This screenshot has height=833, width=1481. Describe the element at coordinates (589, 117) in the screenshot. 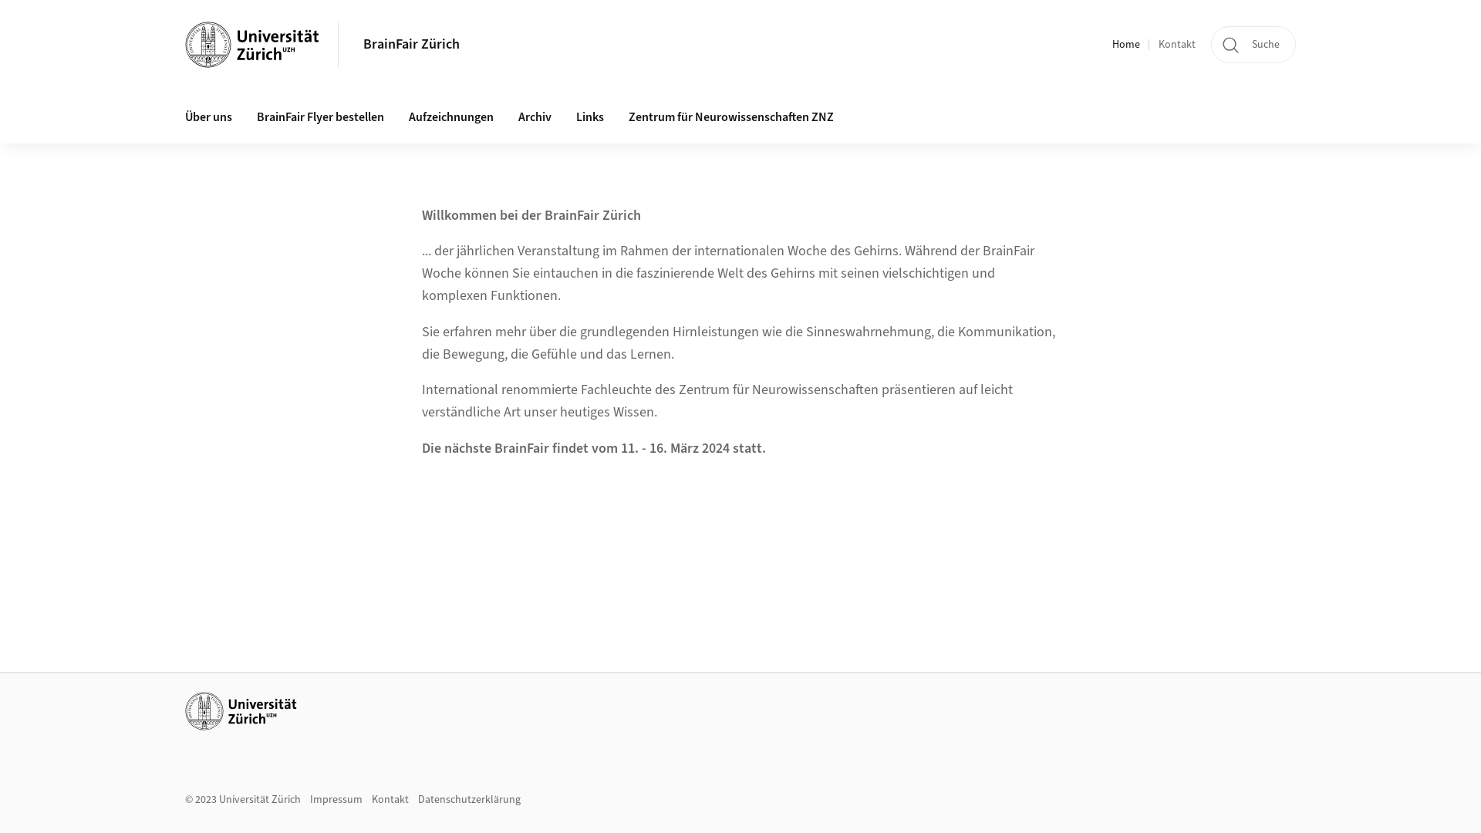

I see `'Links'` at that location.